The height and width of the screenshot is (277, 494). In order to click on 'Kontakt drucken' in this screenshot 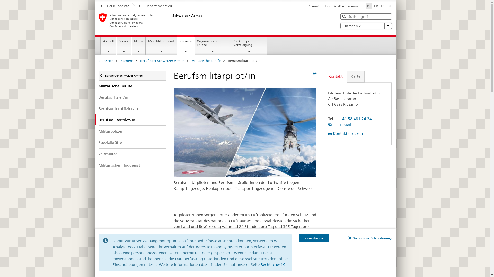, I will do `click(345, 133)`.